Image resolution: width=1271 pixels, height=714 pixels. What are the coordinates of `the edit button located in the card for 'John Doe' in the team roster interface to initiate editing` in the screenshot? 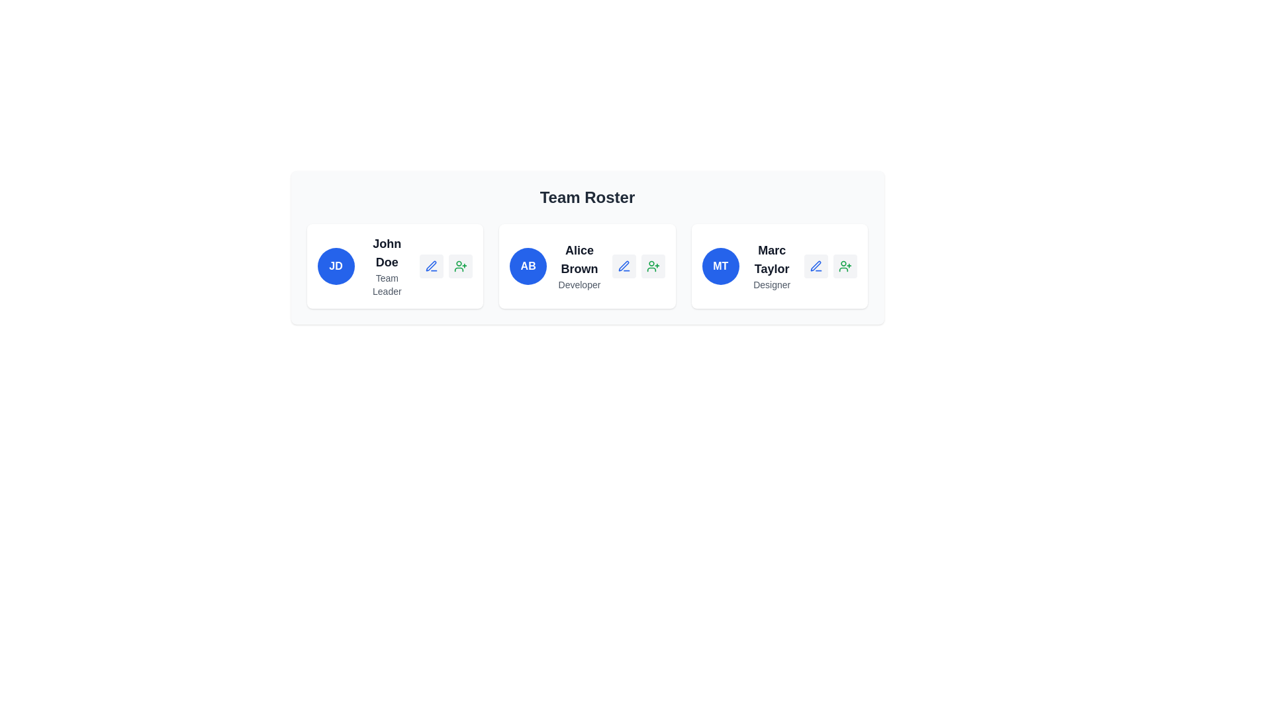 It's located at (432, 266).